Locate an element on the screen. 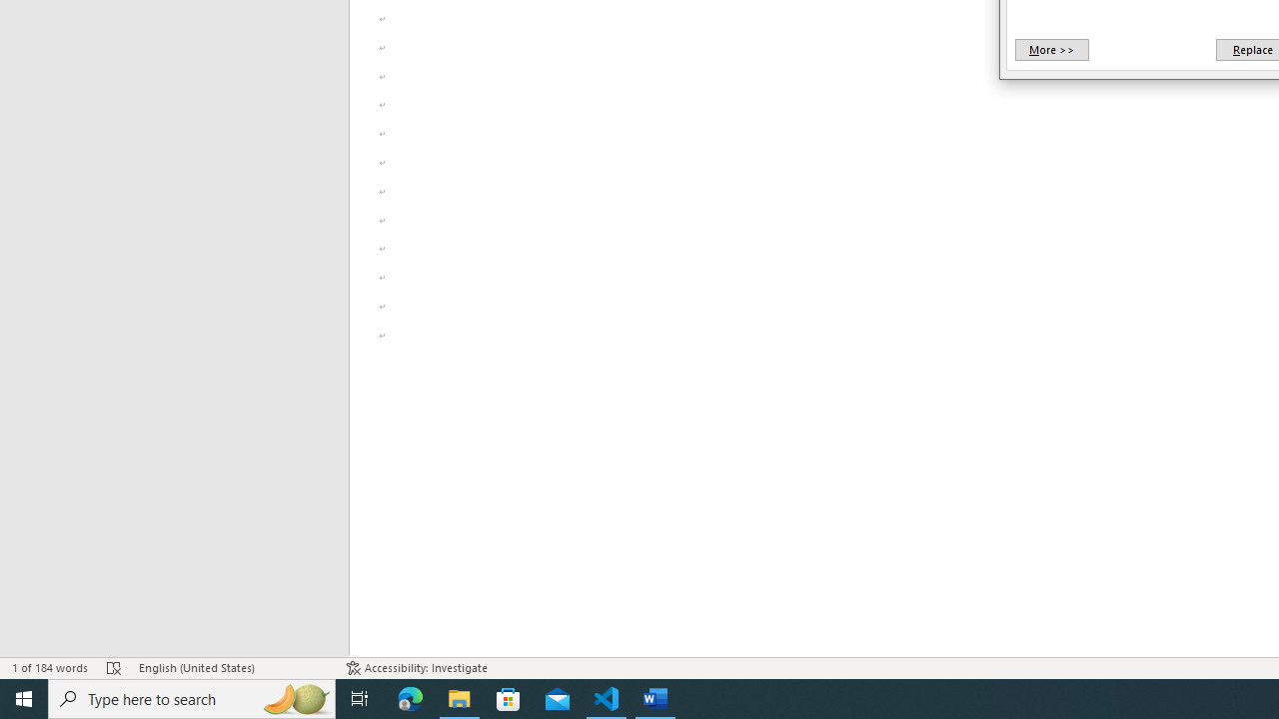  'Word - 1 running window' is located at coordinates (655, 697).